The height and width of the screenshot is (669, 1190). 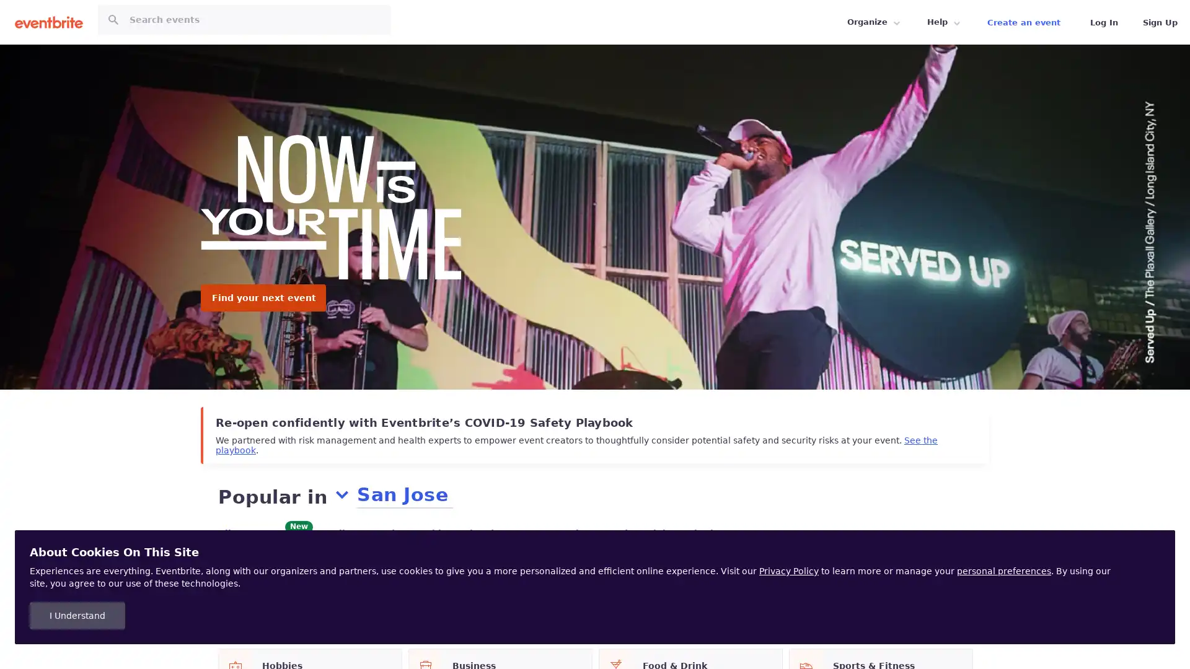 What do you see at coordinates (244, 22) in the screenshot?
I see `Search for events` at bounding box center [244, 22].